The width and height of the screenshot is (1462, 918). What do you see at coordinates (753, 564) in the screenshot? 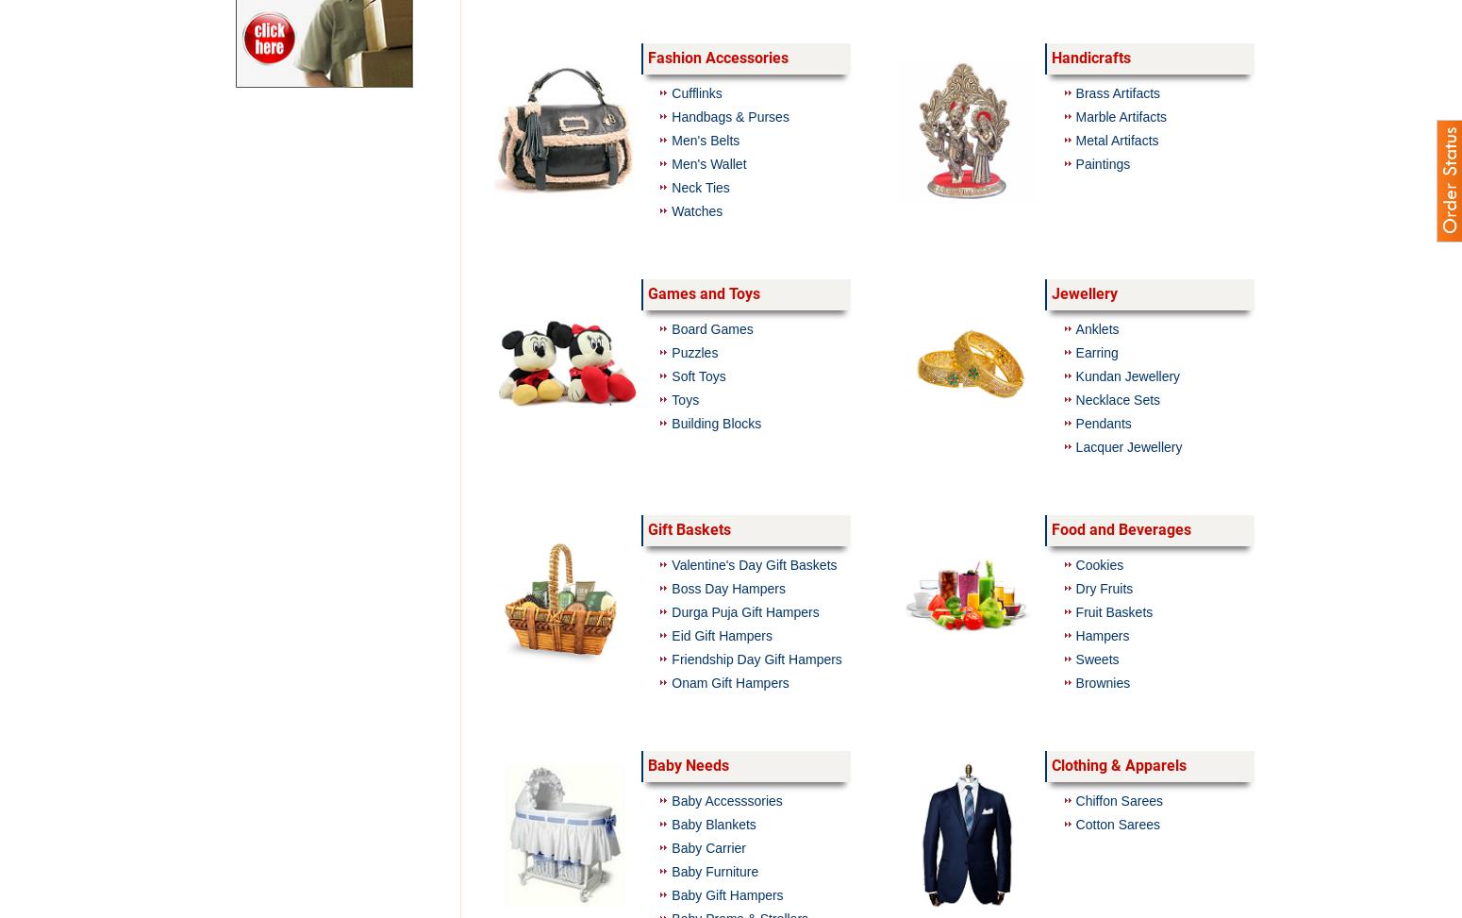
I see `'Valentine's Day Gift Baskets'` at bounding box center [753, 564].